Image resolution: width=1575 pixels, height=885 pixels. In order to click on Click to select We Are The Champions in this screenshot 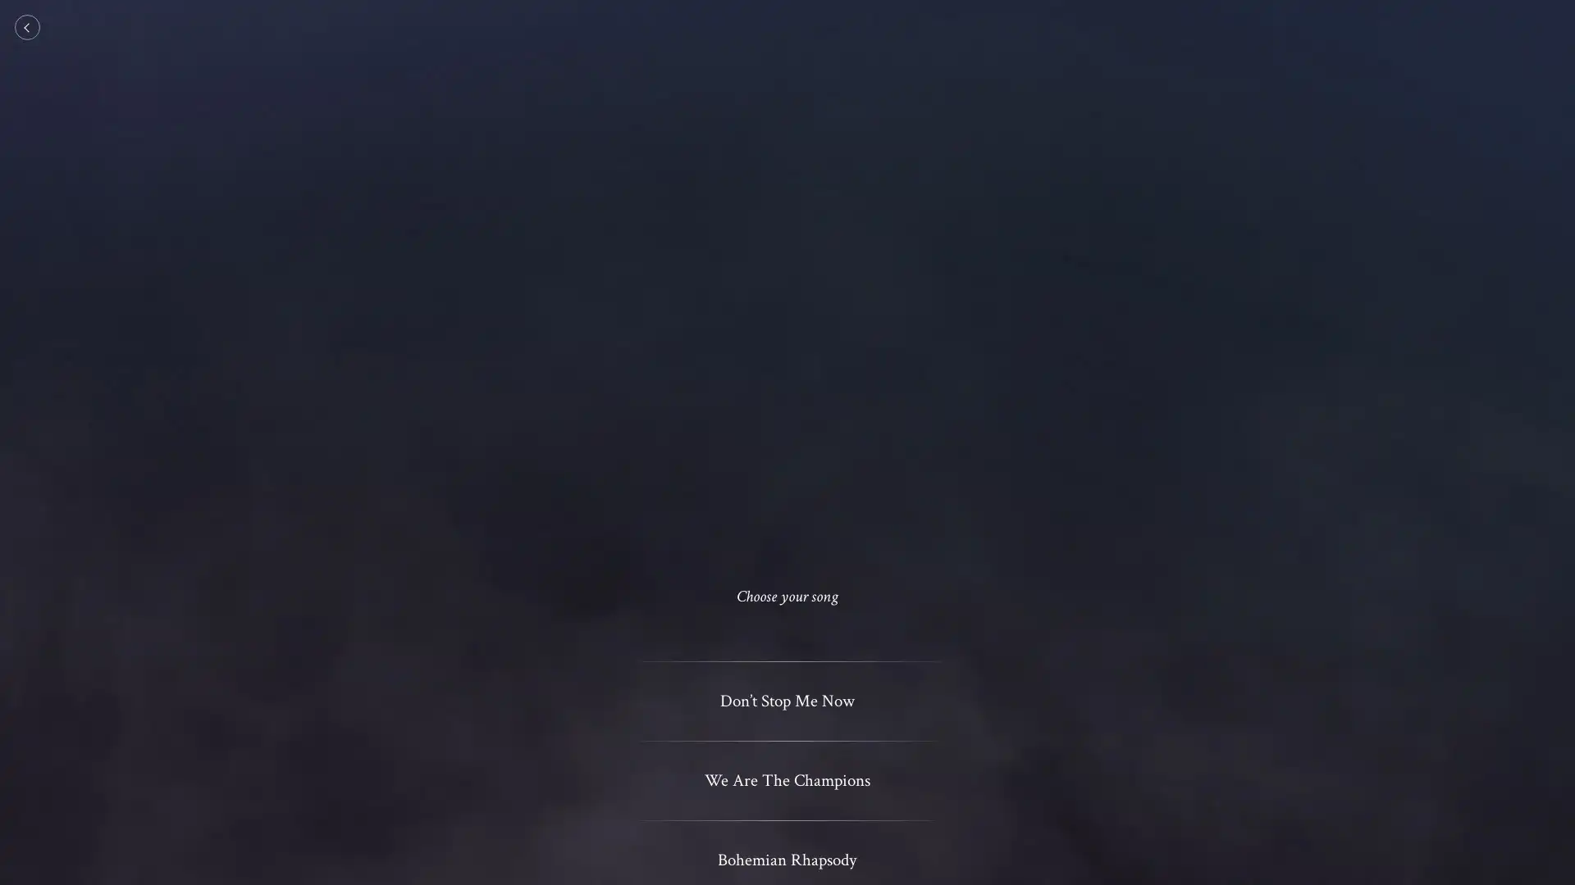, I will do `click(786, 779)`.